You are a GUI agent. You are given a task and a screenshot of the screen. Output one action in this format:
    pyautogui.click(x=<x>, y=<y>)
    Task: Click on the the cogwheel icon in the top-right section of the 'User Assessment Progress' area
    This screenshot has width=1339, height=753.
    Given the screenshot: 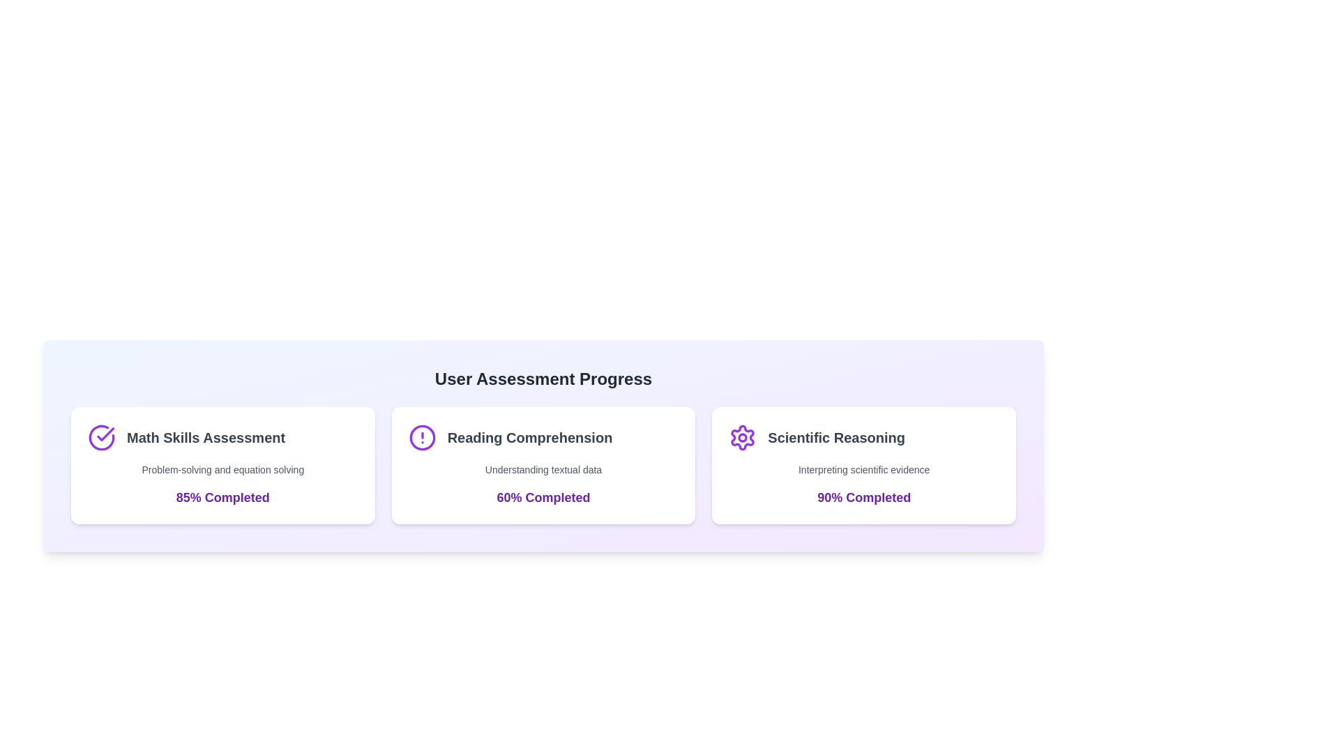 What is the action you would take?
    pyautogui.click(x=742, y=437)
    